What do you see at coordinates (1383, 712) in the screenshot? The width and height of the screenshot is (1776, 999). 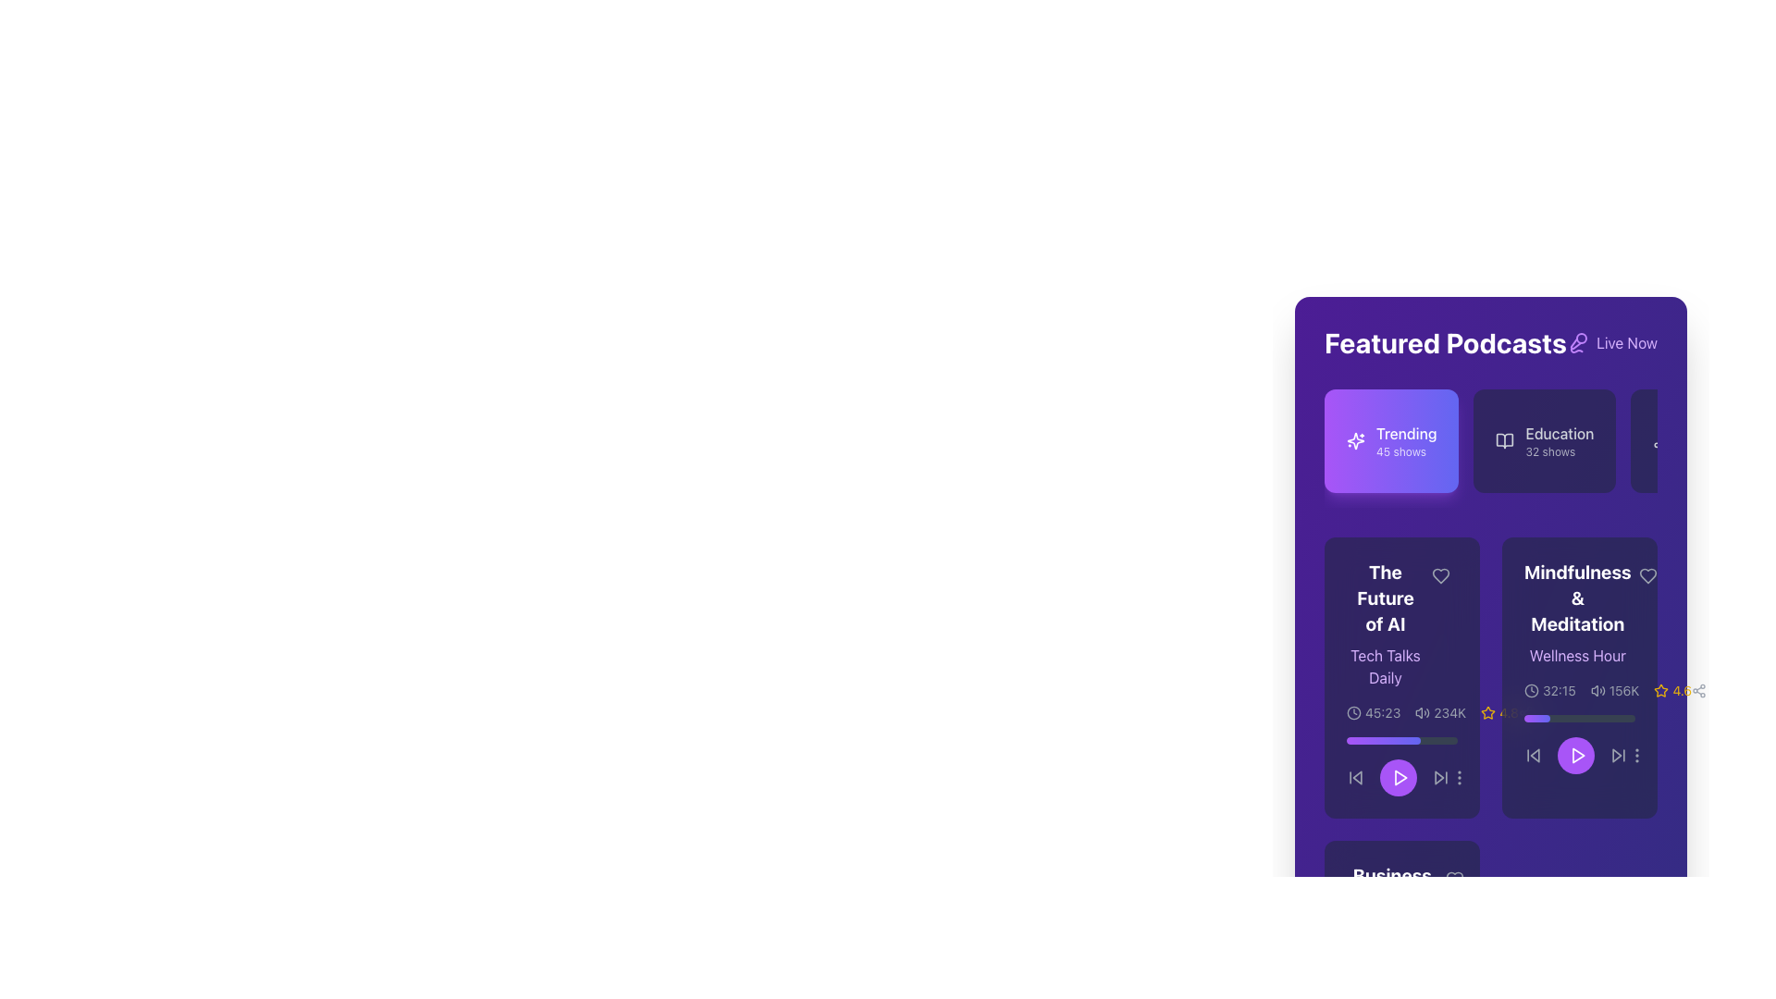 I see `the text label displaying '45:23' located at the bottom-left area of the card labeled 'The Future of AI'` at bounding box center [1383, 712].